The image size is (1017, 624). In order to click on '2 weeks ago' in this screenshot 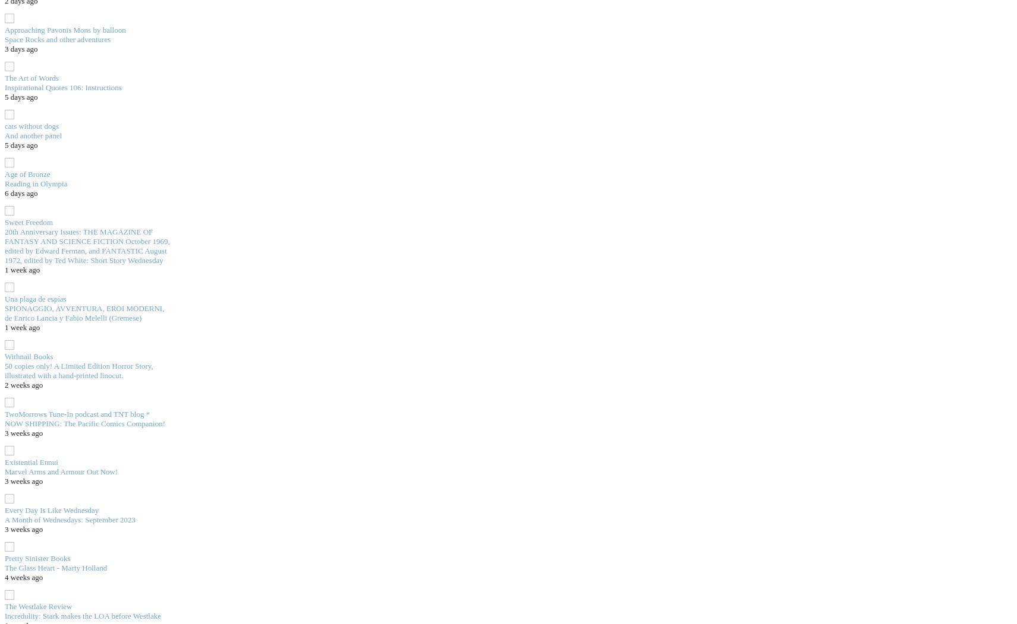, I will do `click(23, 384)`.